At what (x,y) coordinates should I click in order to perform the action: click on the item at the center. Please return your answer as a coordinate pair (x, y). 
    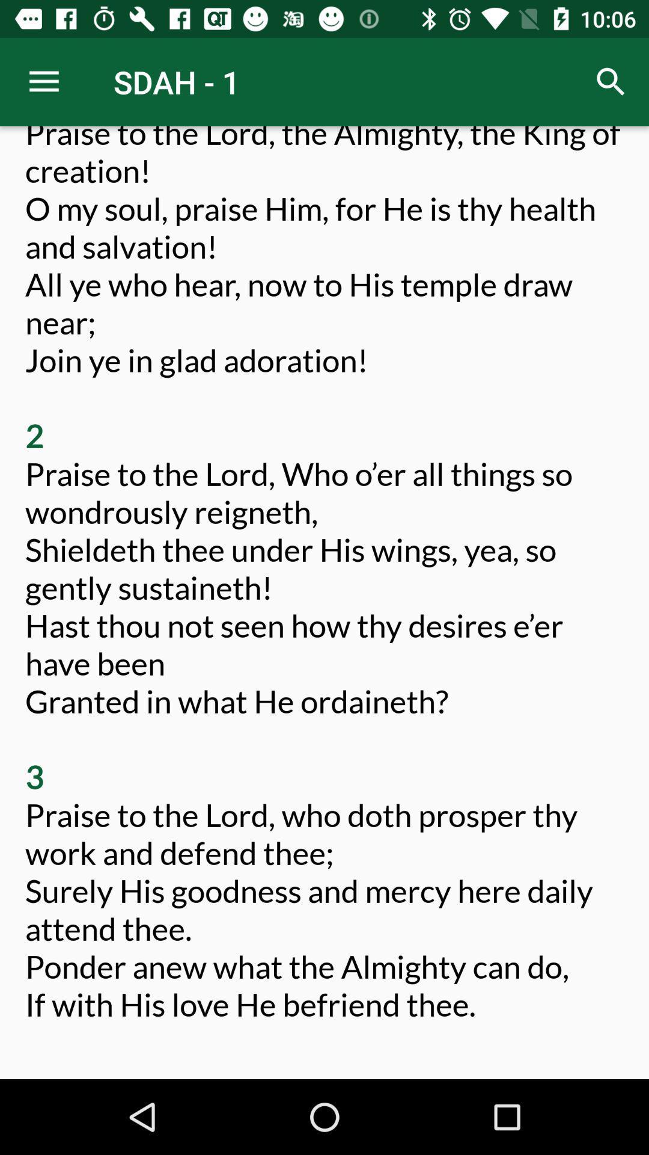
    Looking at the image, I should click on (324, 593).